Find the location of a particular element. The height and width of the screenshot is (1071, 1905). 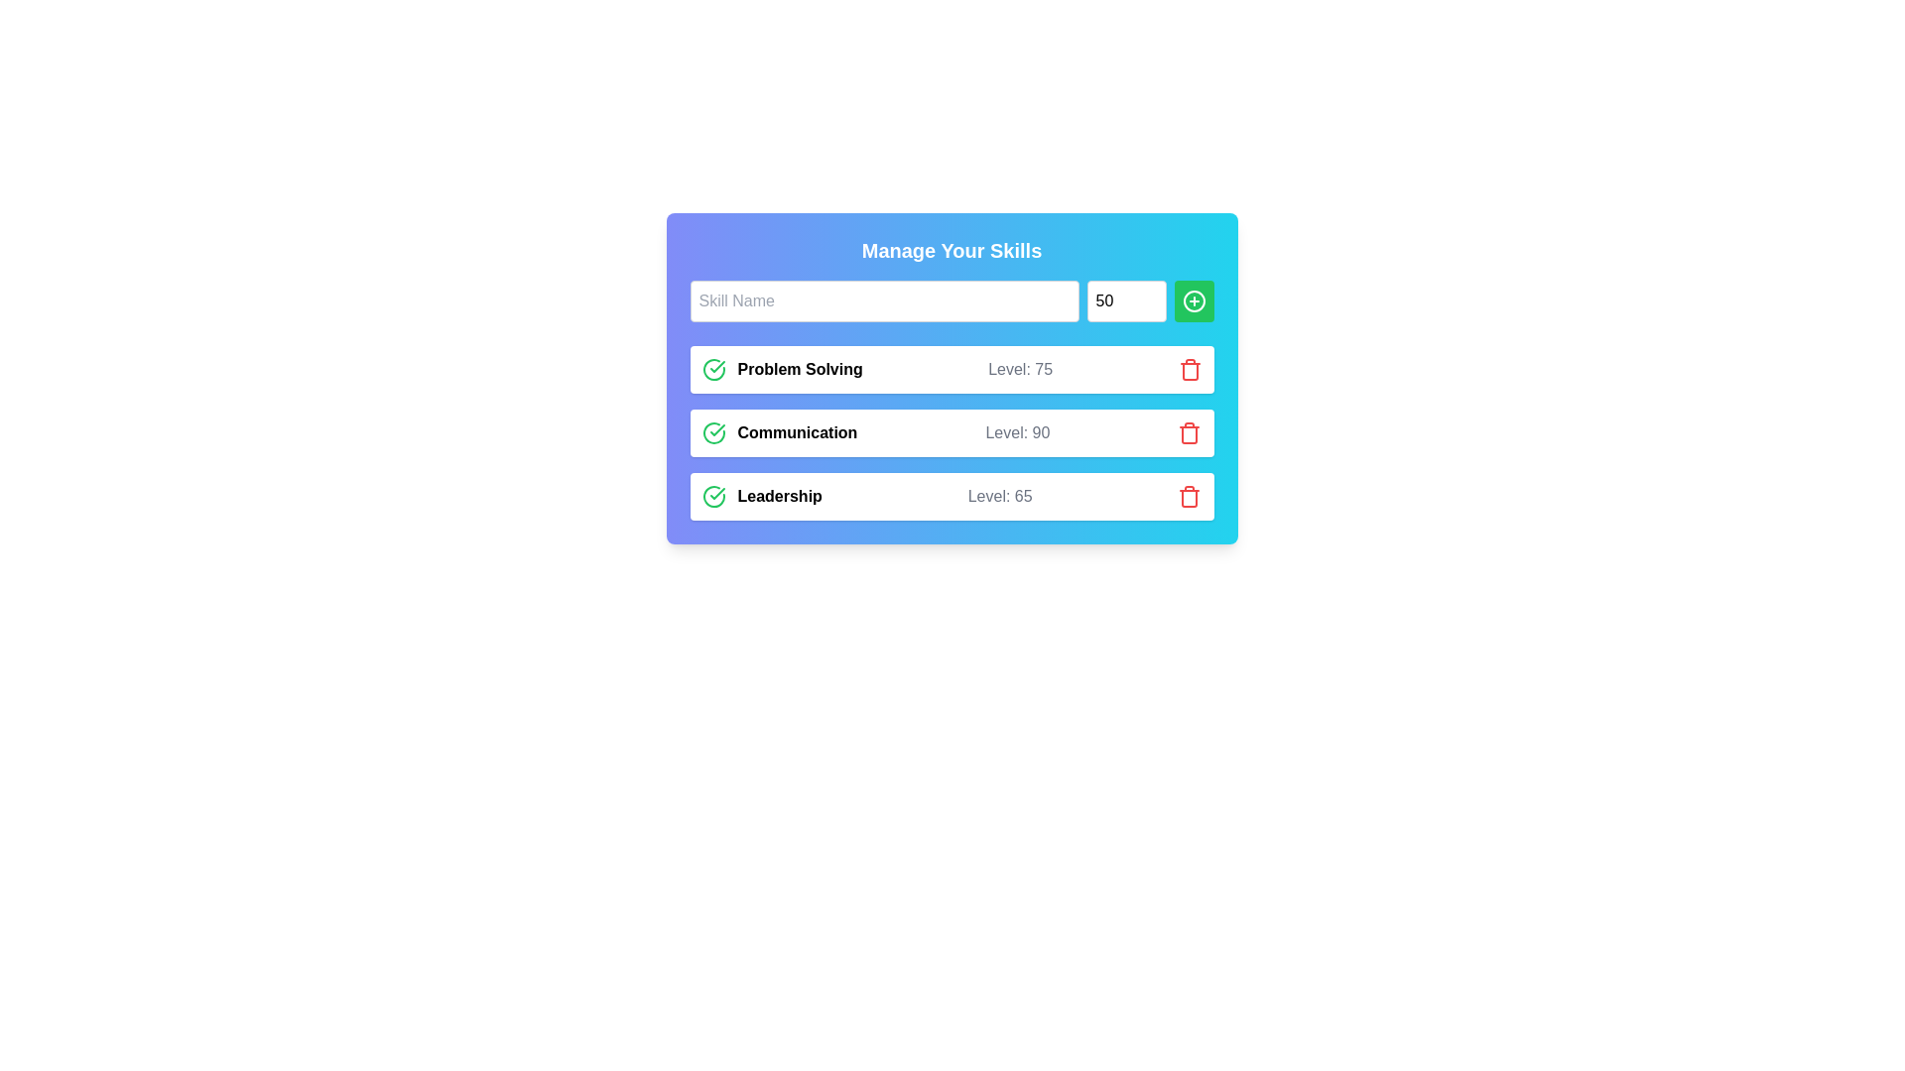

text of the bold 'Communication' label, which is the second element in a vertical list of skill descriptors, located centrally in the interface is located at coordinates (797, 431).